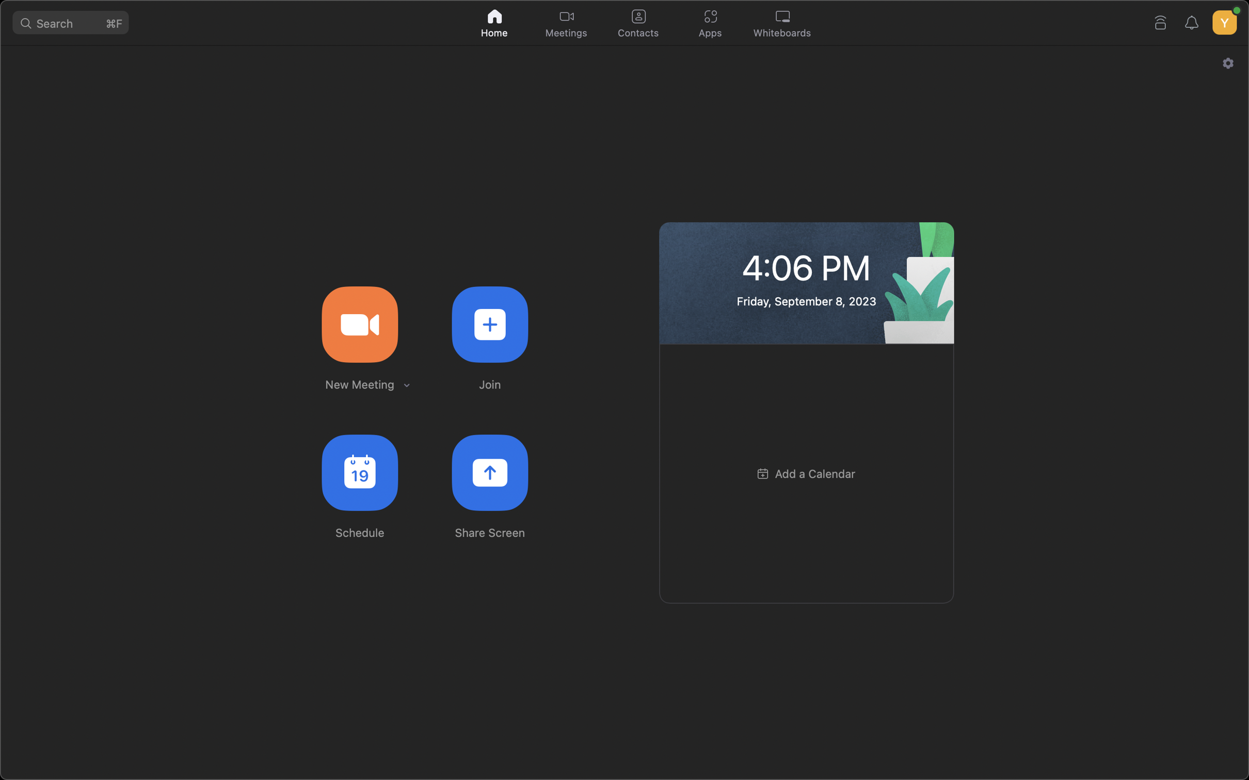  I want to click on Participate in a meeting using the code 123456789, so click(489, 323).